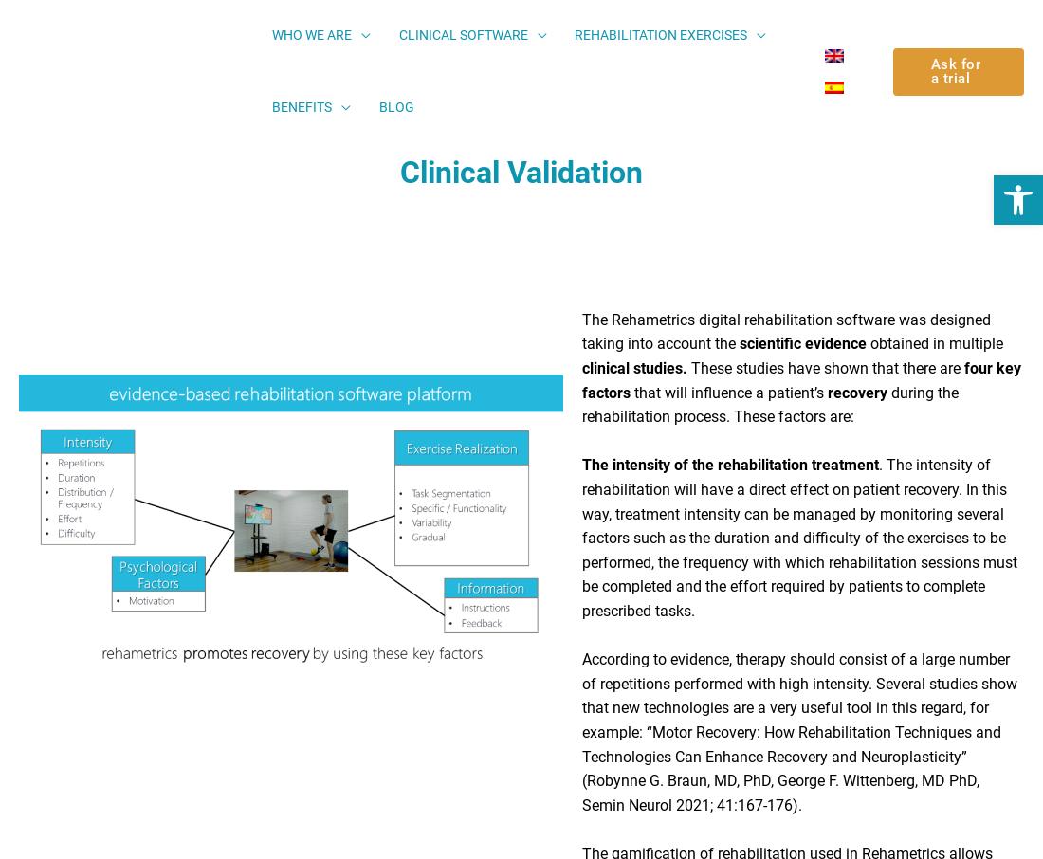 The width and height of the screenshot is (1043, 859). What do you see at coordinates (633, 375) in the screenshot?
I see `'clinical studies.'` at bounding box center [633, 375].